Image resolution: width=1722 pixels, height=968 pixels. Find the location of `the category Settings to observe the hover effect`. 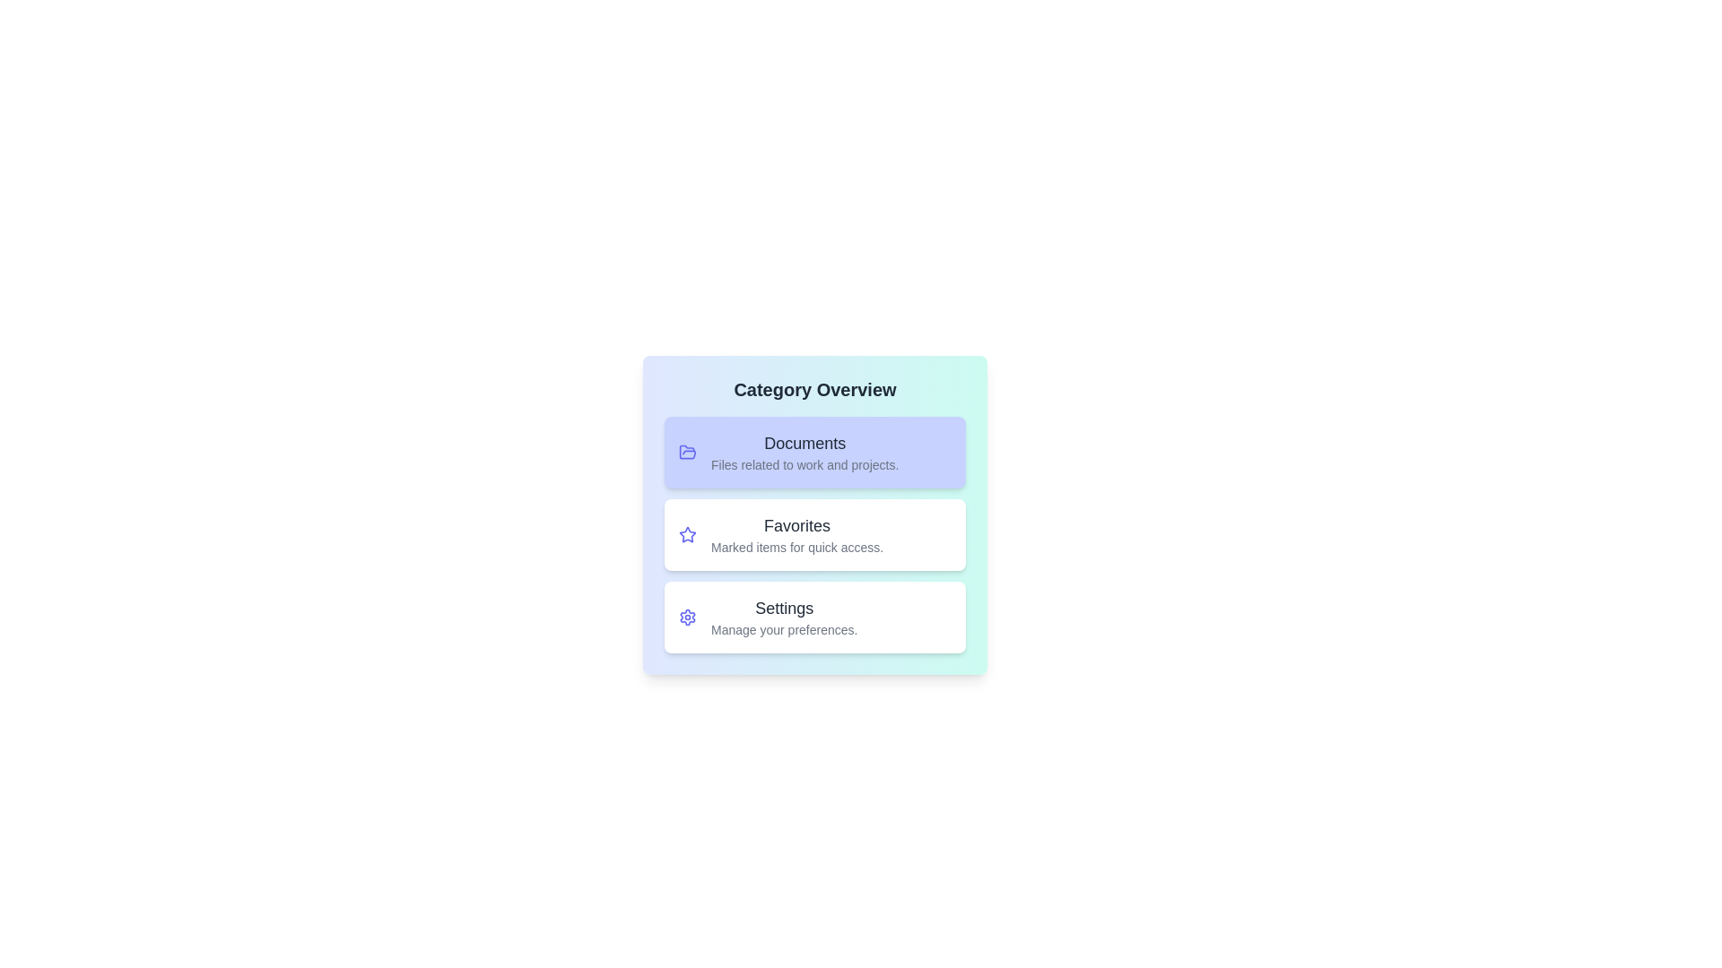

the category Settings to observe the hover effect is located at coordinates (813, 617).